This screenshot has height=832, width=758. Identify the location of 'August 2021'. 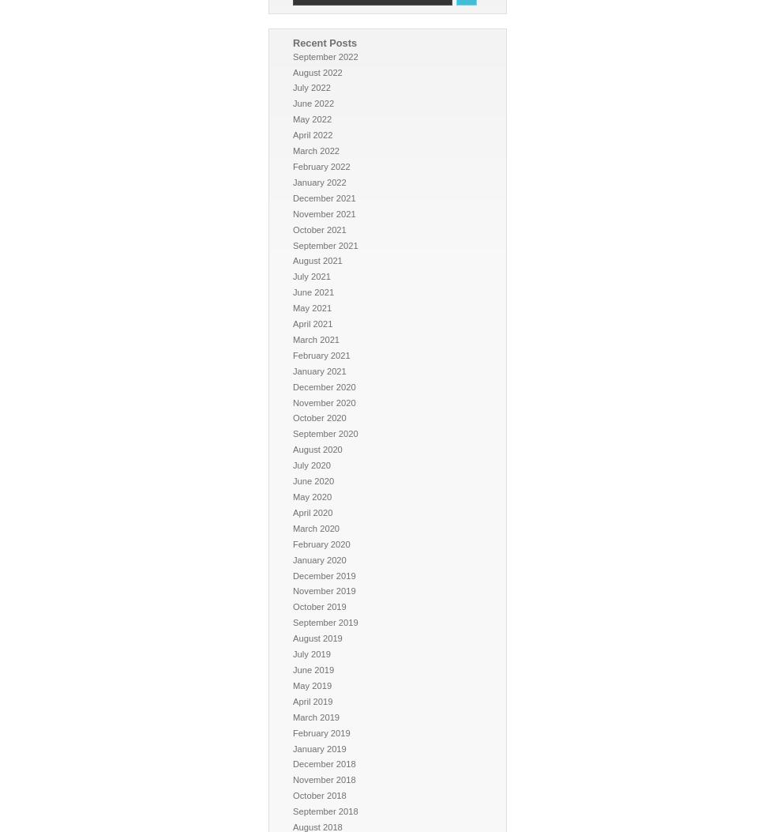
(317, 261).